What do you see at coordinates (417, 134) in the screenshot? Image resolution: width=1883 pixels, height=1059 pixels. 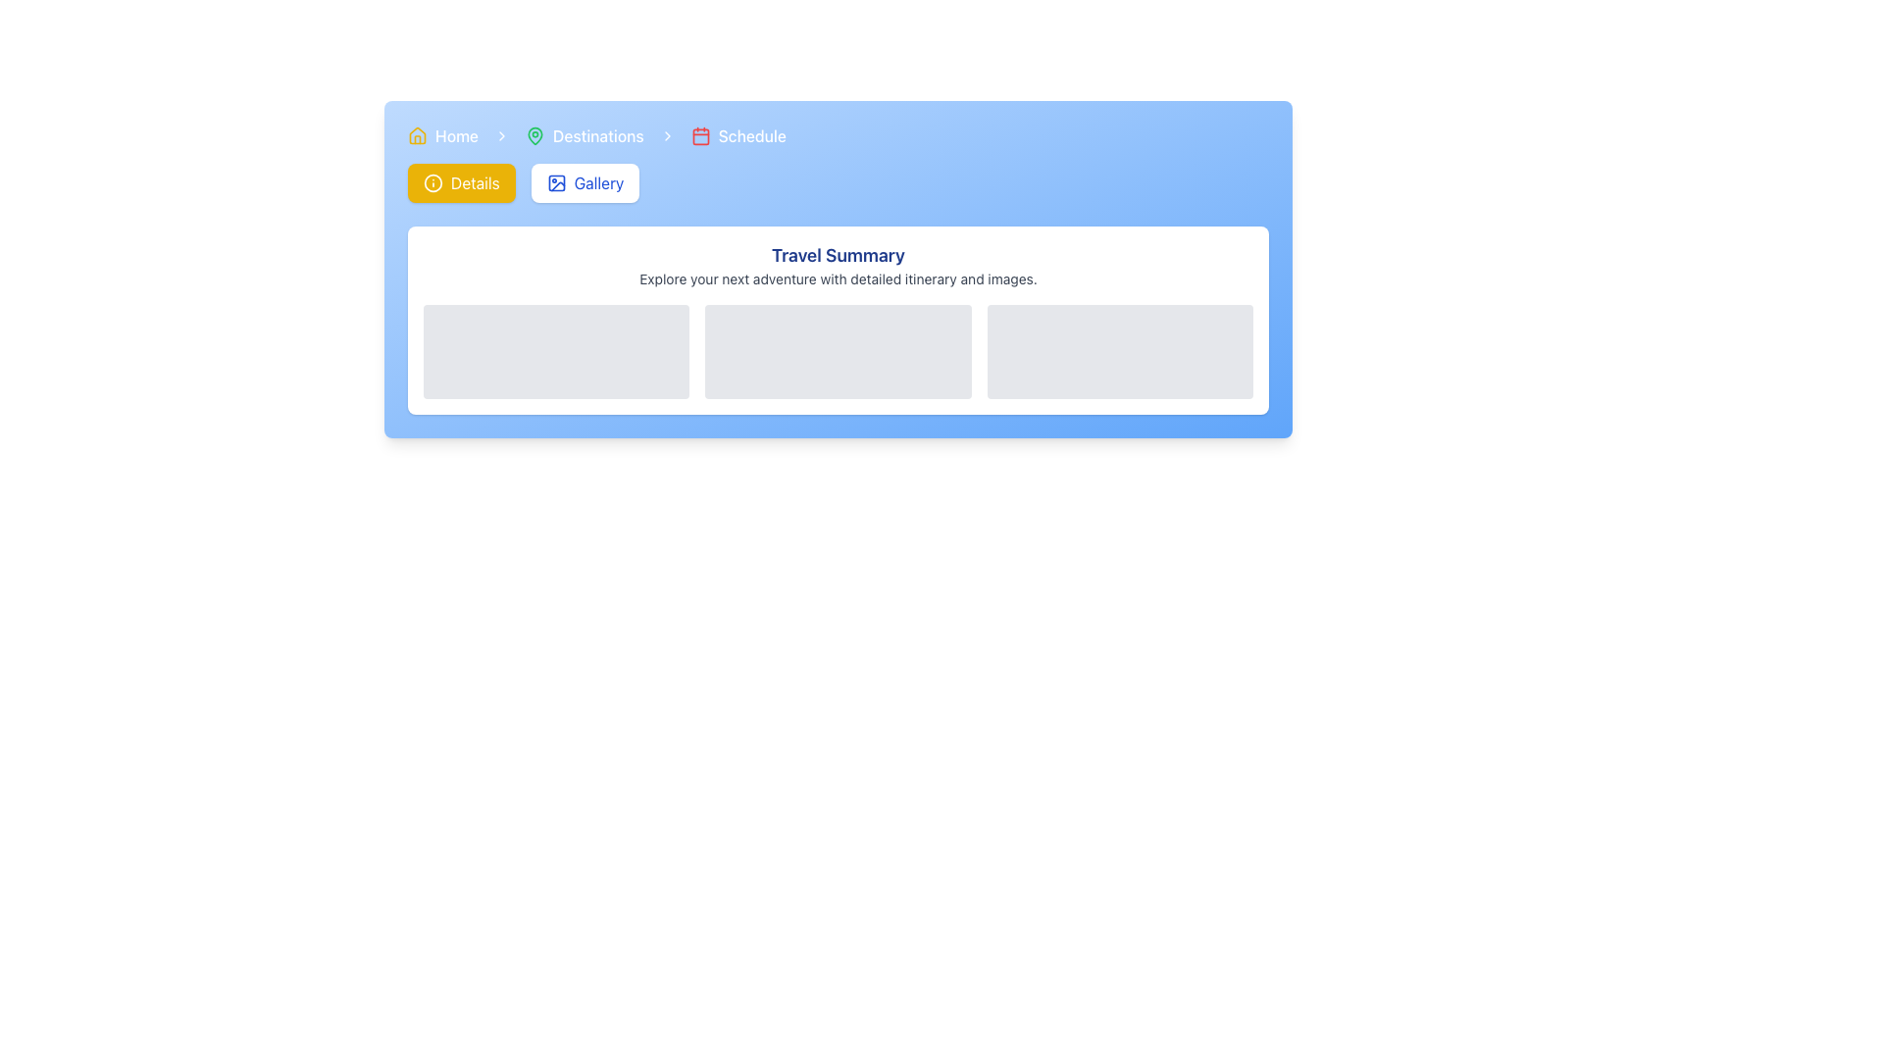 I see `the Home icon located at the far left of the top navigation bar to trigger a tooltip` at bounding box center [417, 134].